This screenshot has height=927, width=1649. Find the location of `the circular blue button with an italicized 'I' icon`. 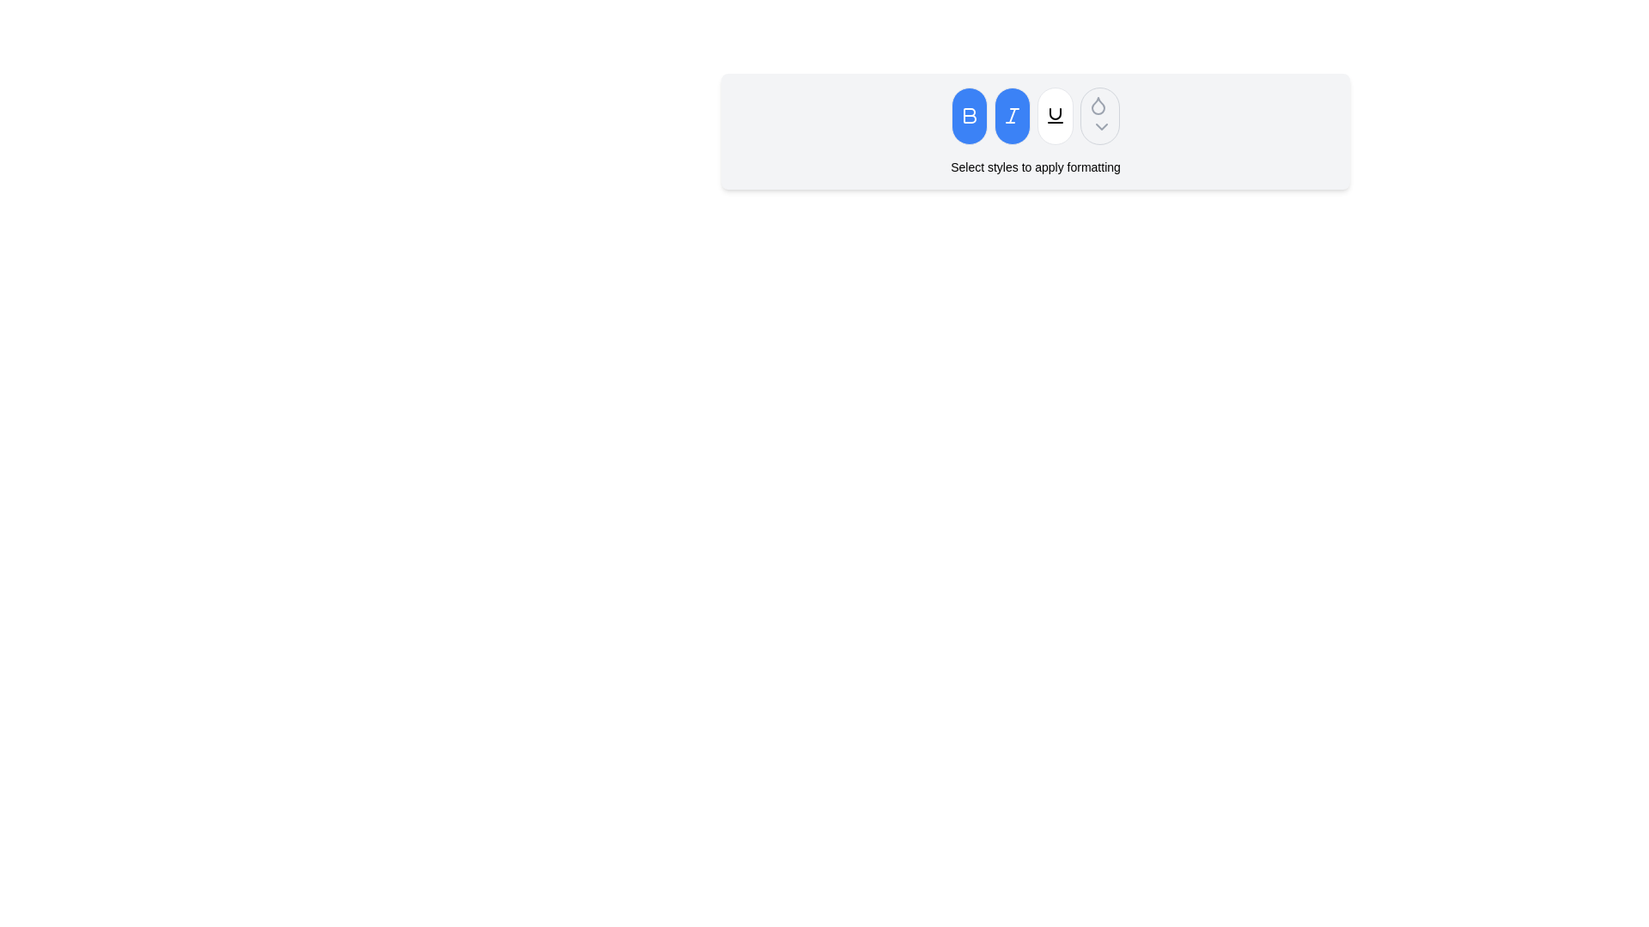

the circular blue button with an italicized 'I' icon is located at coordinates (1013, 116).